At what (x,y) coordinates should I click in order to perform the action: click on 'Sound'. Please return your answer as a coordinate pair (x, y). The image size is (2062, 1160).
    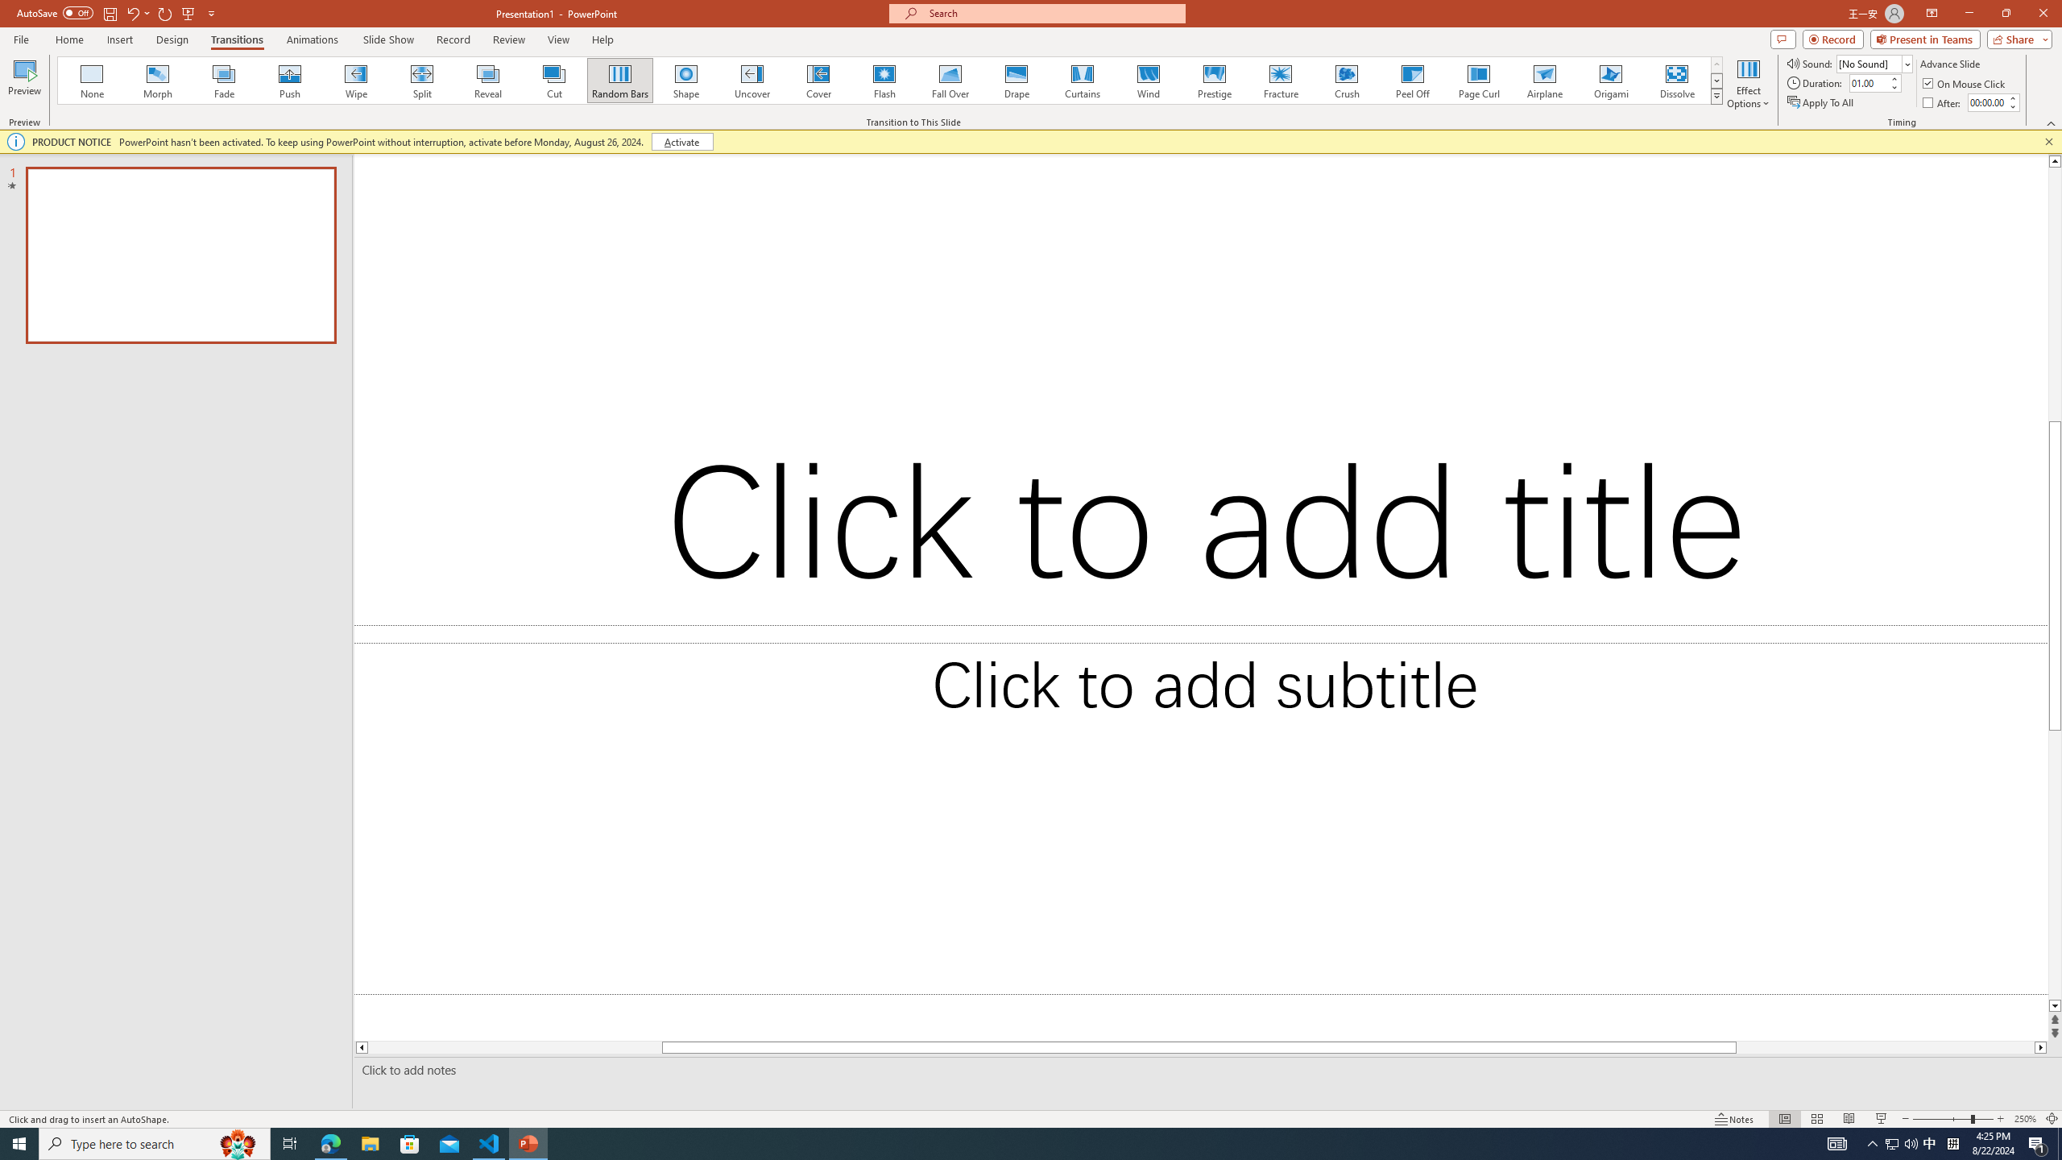
    Looking at the image, I should click on (1874, 63).